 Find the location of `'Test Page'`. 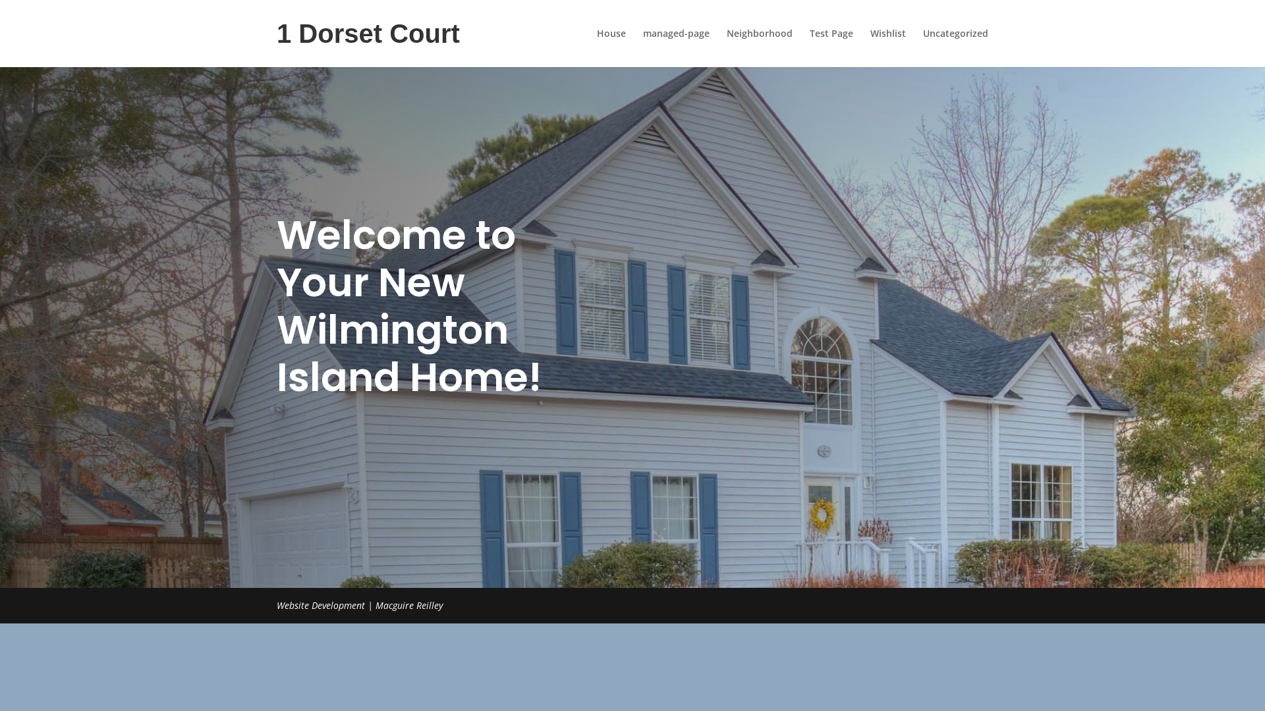

'Test Page' is located at coordinates (831, 47).